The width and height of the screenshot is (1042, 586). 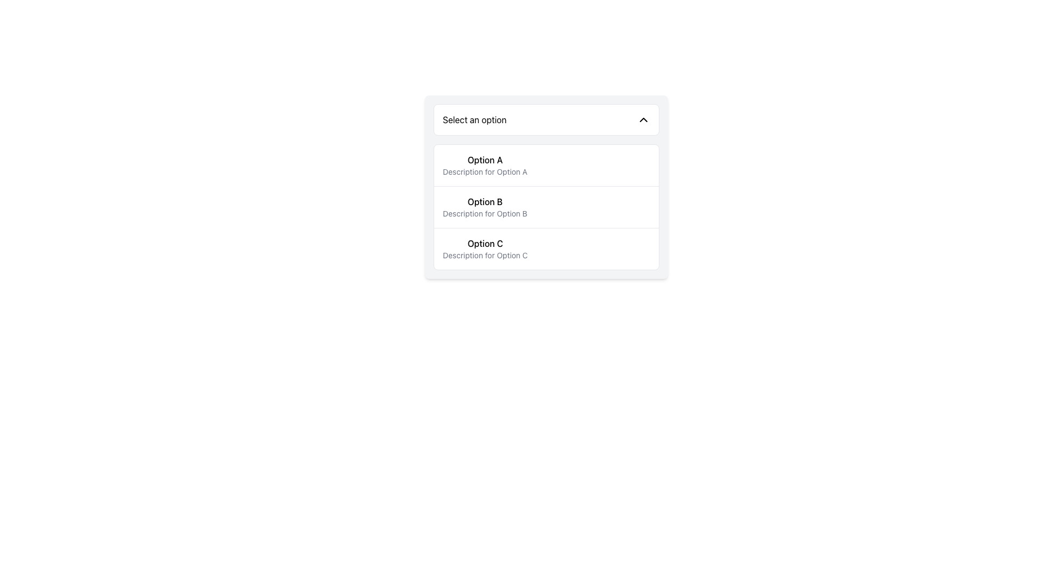 I want to click on text content of the descriptive Text label positioned below 'Option B' in the dropdown list, so click(x=484, y=213).